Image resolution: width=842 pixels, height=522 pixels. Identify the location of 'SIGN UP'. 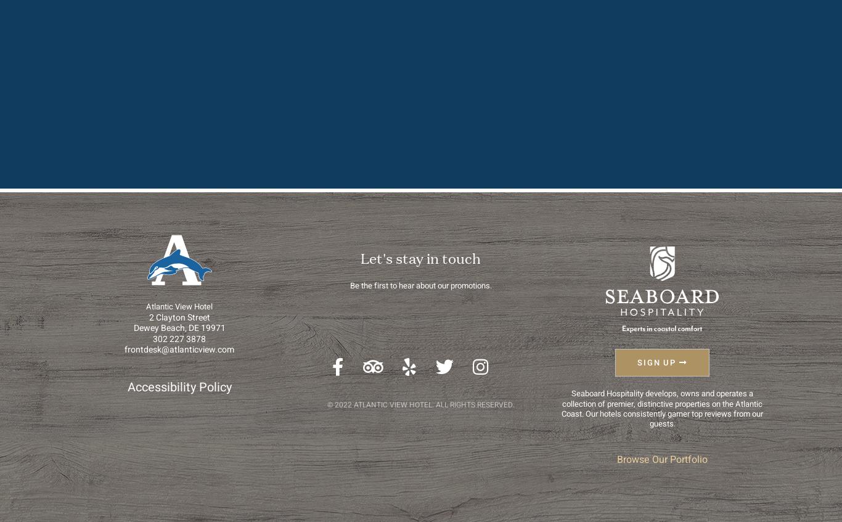
(636, 362).